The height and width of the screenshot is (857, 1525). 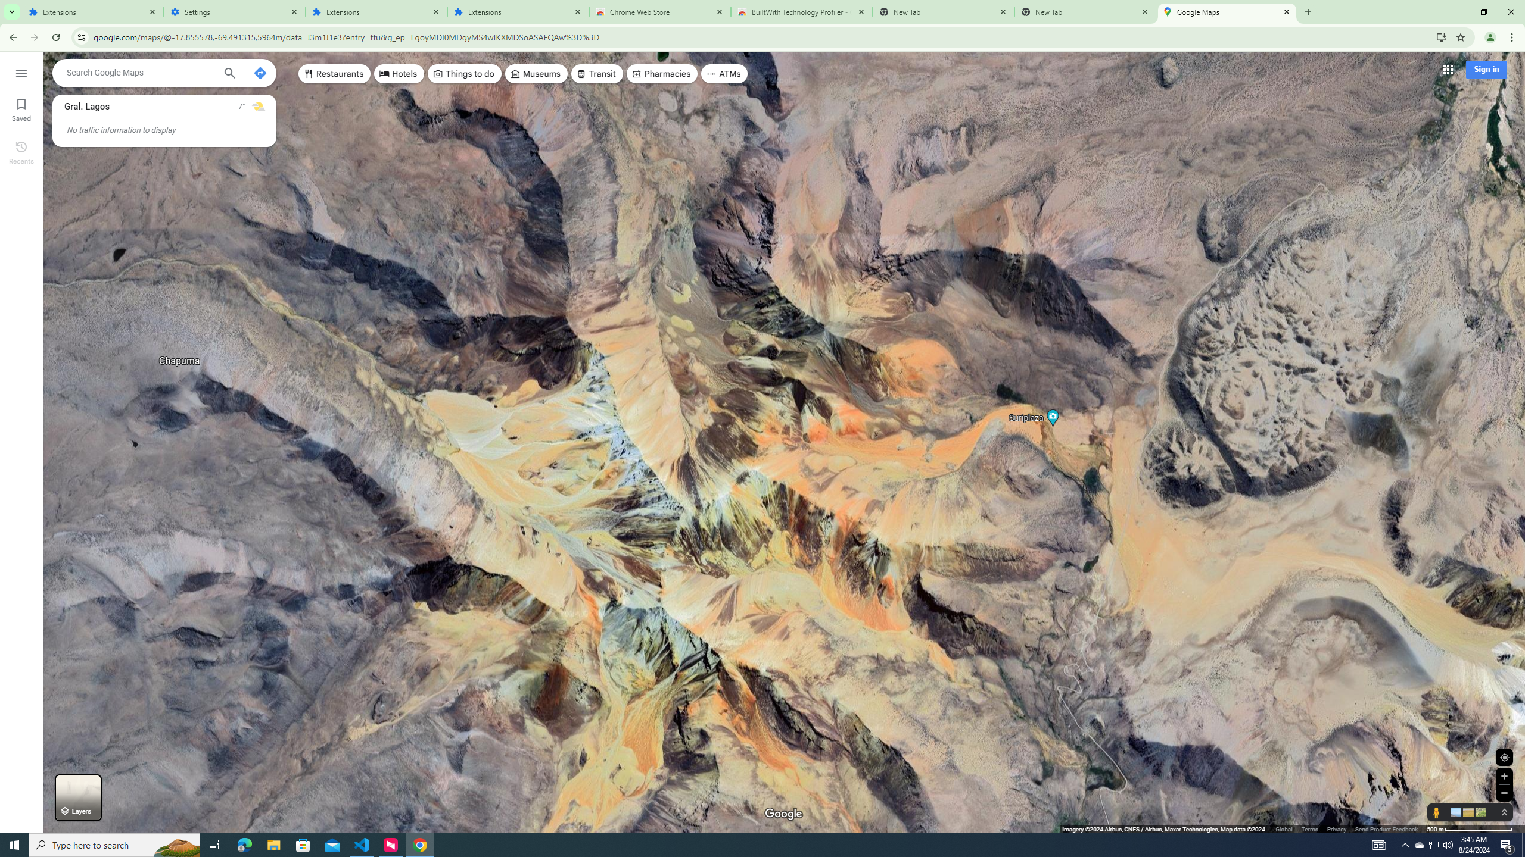 I want to click on 'Install Google Maps', so click(x=1442, y=36).